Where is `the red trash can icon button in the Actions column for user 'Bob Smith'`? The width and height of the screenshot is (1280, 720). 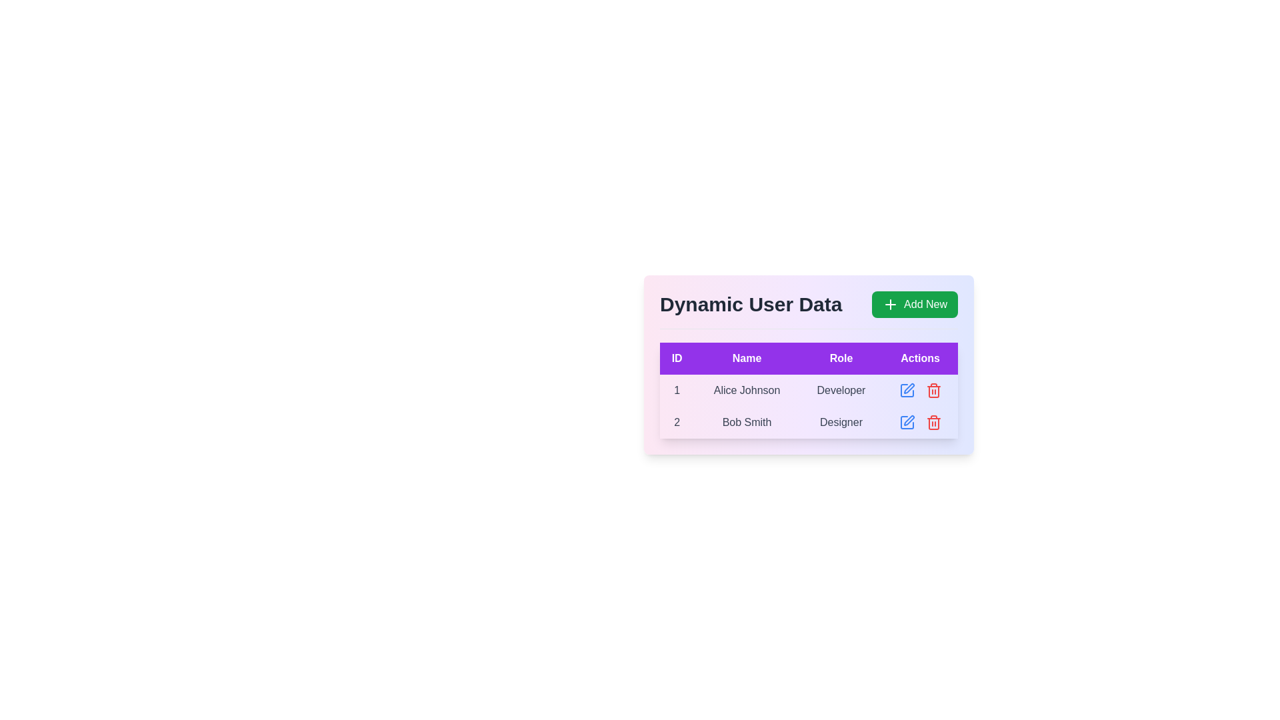 the red trash can icon button in the Actions column for user 'Bob Smith' is located at coordinates (933, 390).